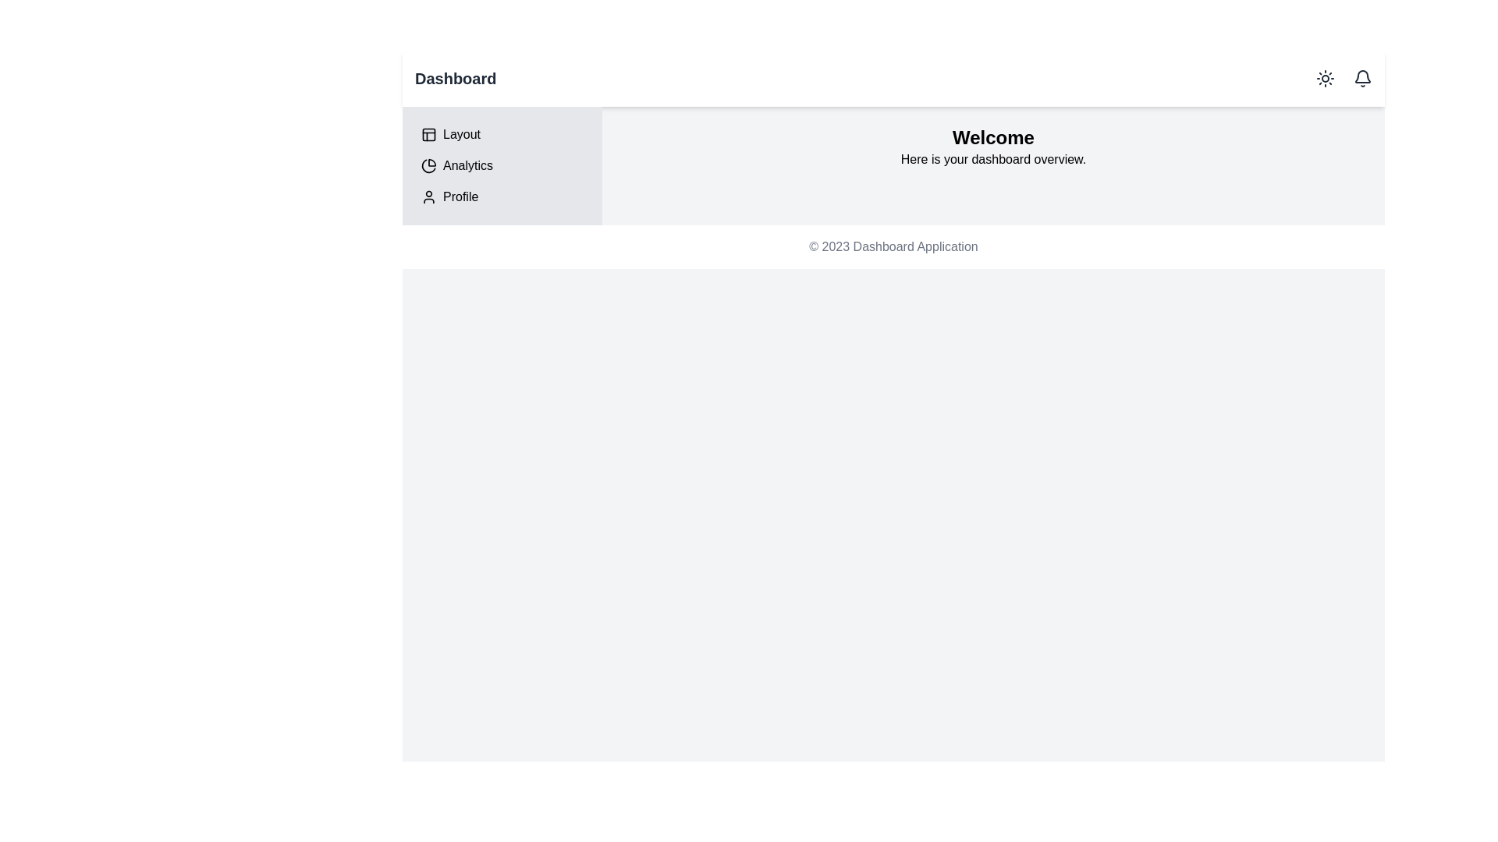  Describe the element at coordinates (1325, 78) in the screenshot. I see `the toggle button for light and dark modes located in the upper-right corner of the user interface, to the left of the bell icon` at that location.